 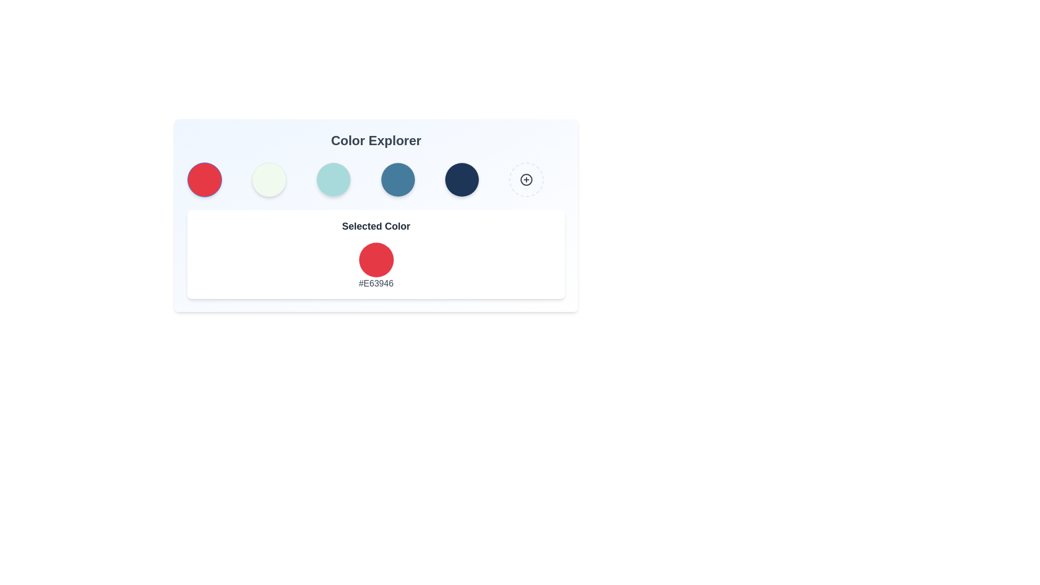 I want to click on the button located in the top-right corner of the horizontal grid of six circular elements, so click(x=526, y=179).